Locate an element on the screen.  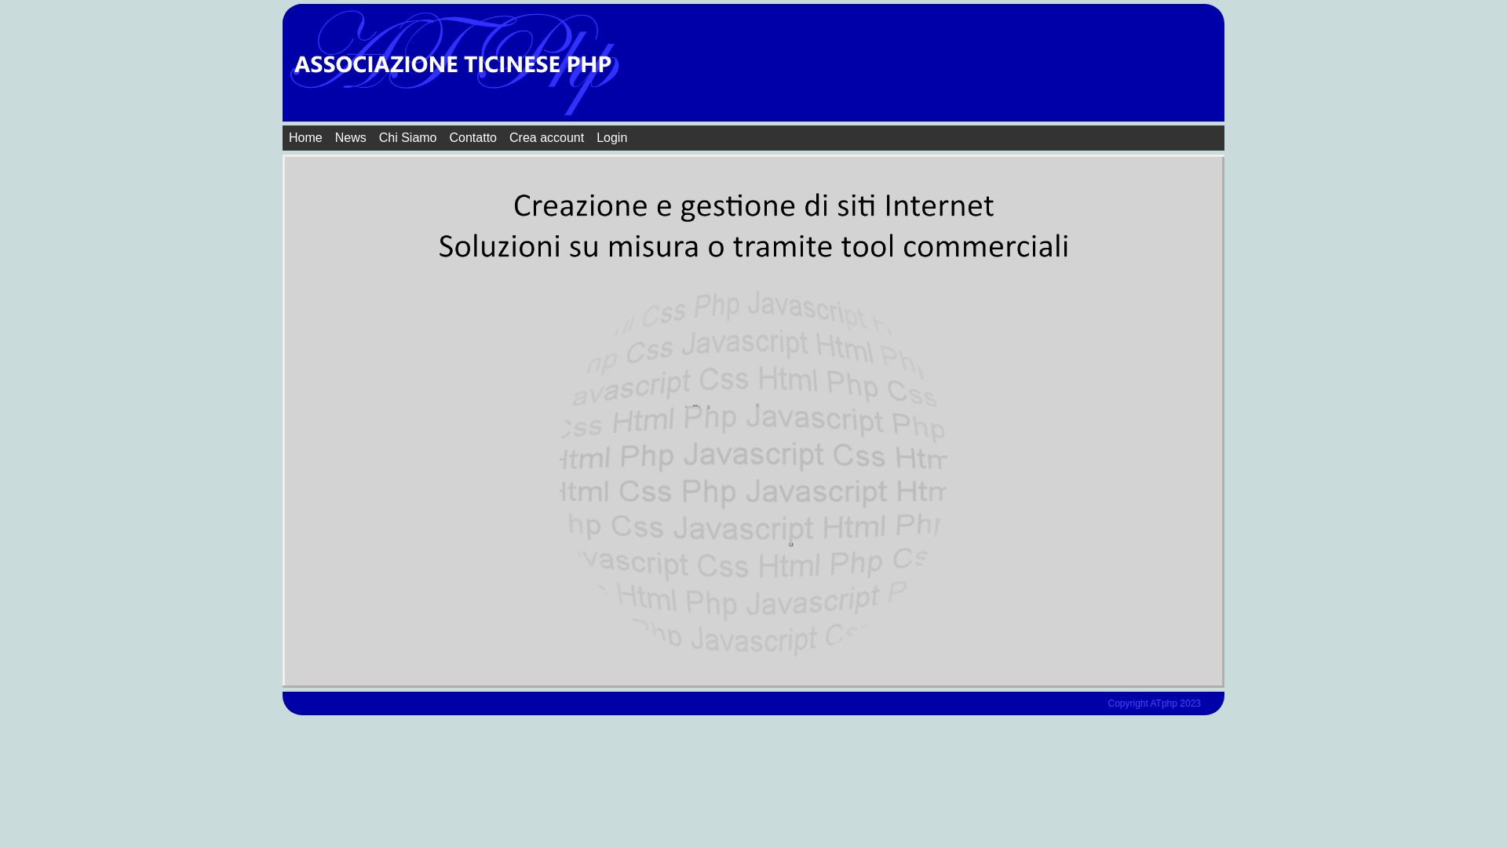
'Login' is located at coordinates (611, 137).